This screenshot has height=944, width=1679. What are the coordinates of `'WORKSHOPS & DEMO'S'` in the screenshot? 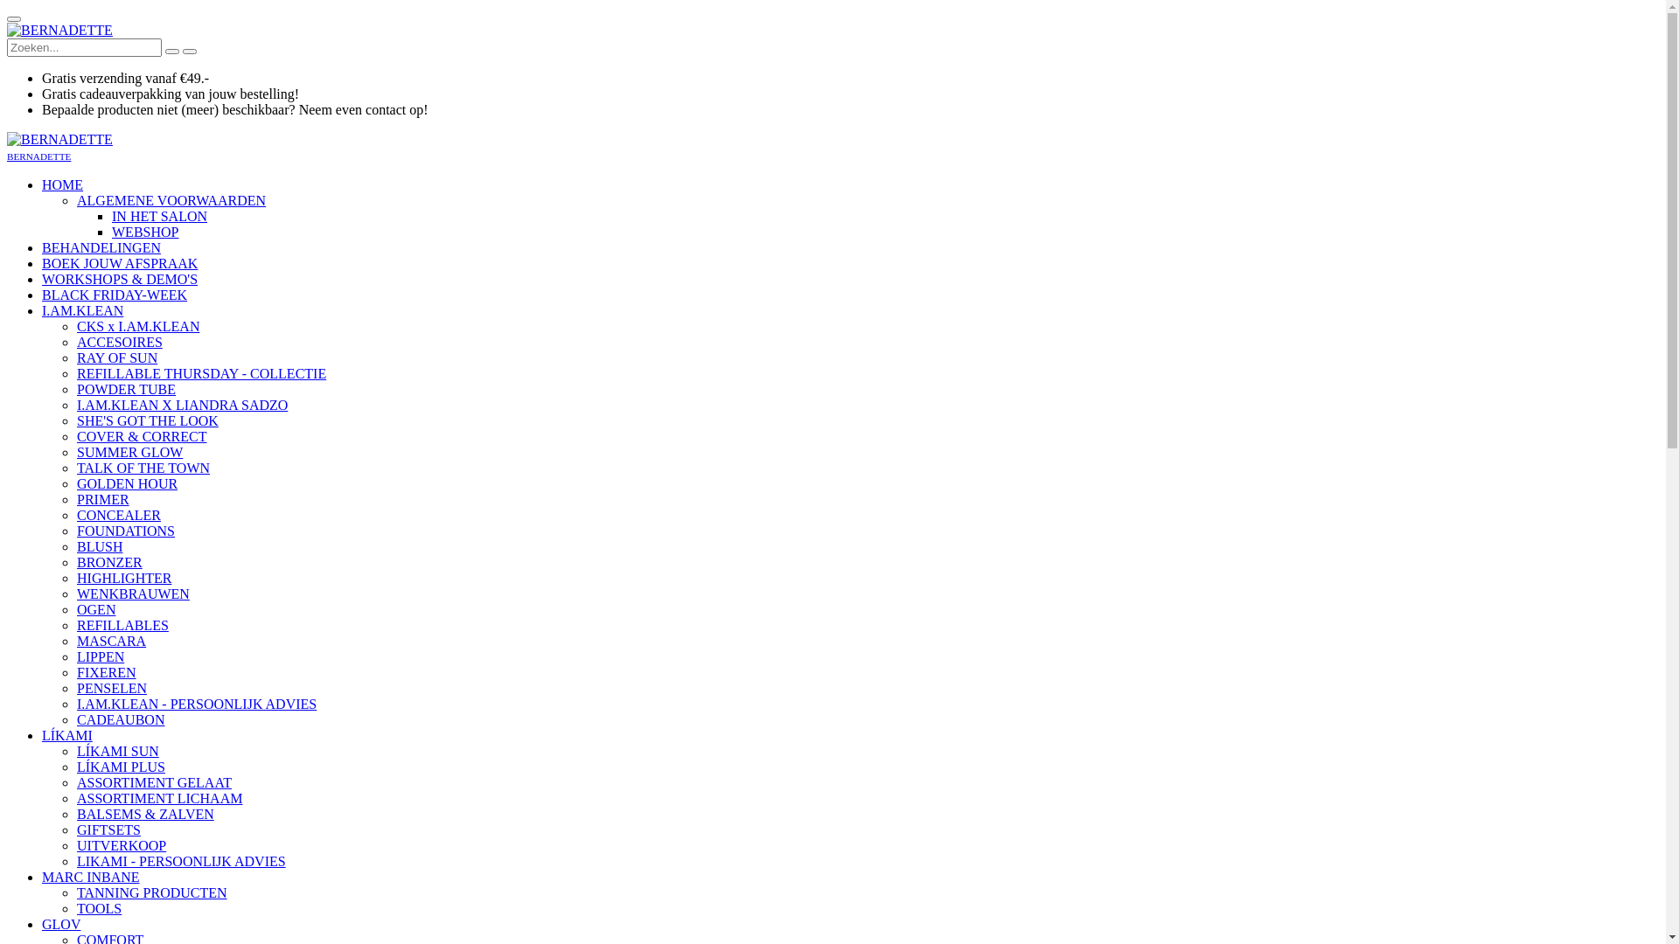 It's located at (42, 278).